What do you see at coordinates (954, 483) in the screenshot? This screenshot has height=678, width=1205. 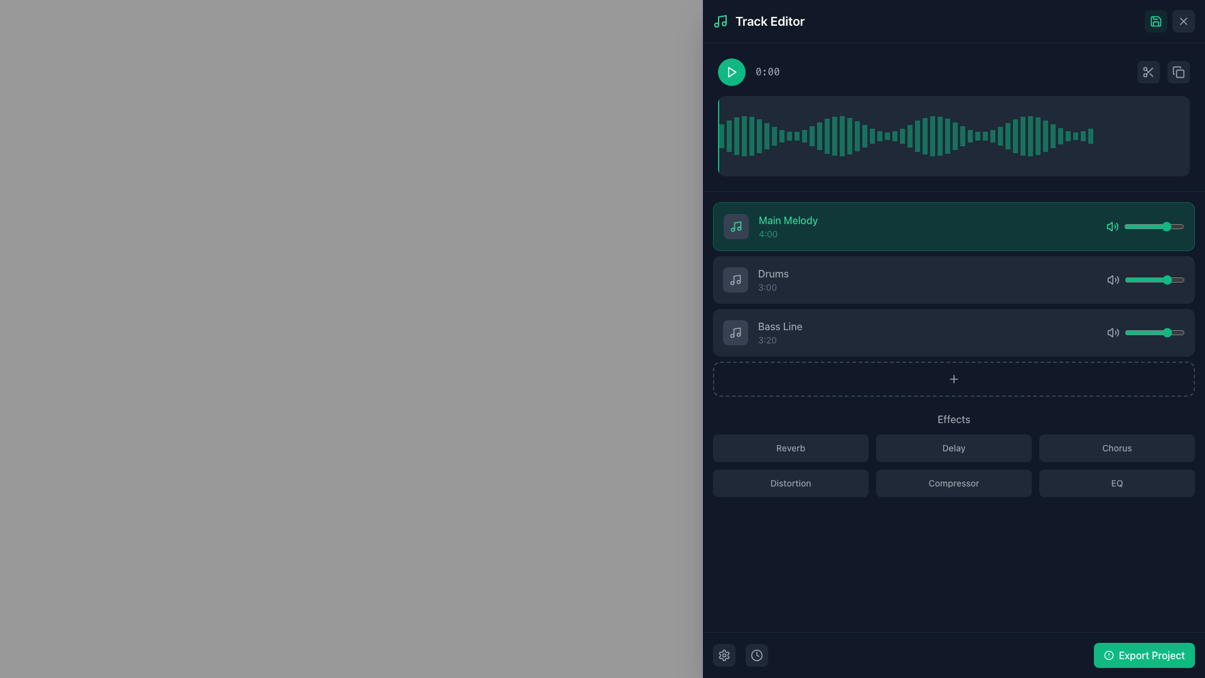 I see `the 'Compressor' button in the 'Effects' section` at bounding box center [954, 483].